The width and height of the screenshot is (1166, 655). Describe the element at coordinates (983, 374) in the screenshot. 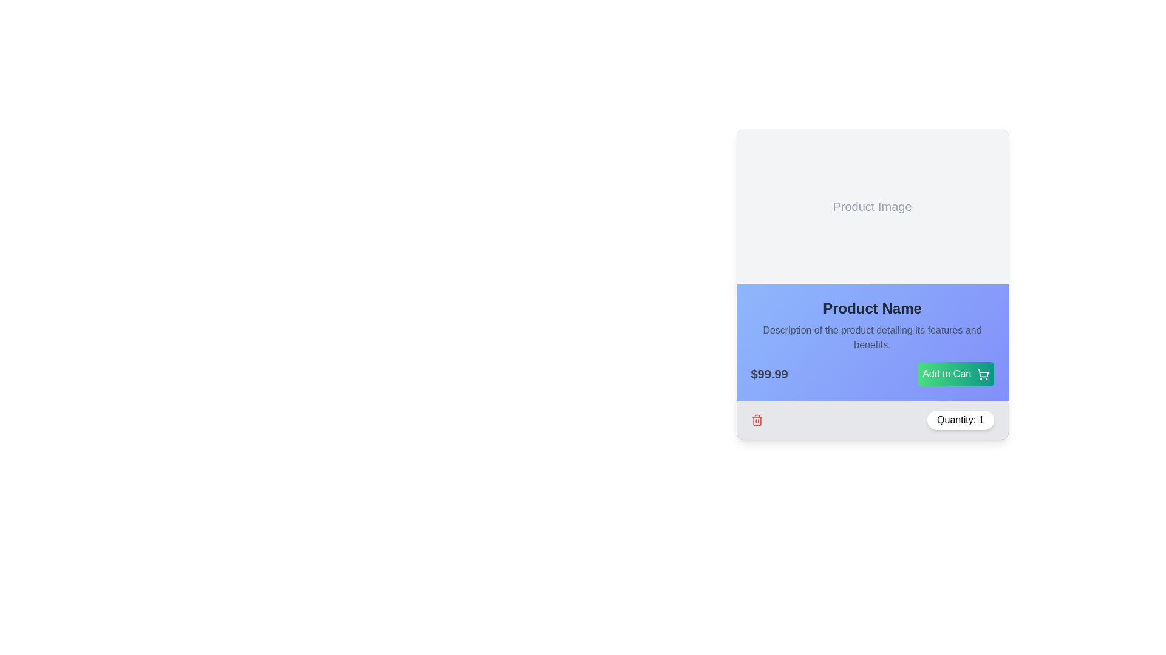

I see `the shopping cart icon located at the far right of the green 'Add to Cart' button to initiate the add-to-cart action for the product` at that location.